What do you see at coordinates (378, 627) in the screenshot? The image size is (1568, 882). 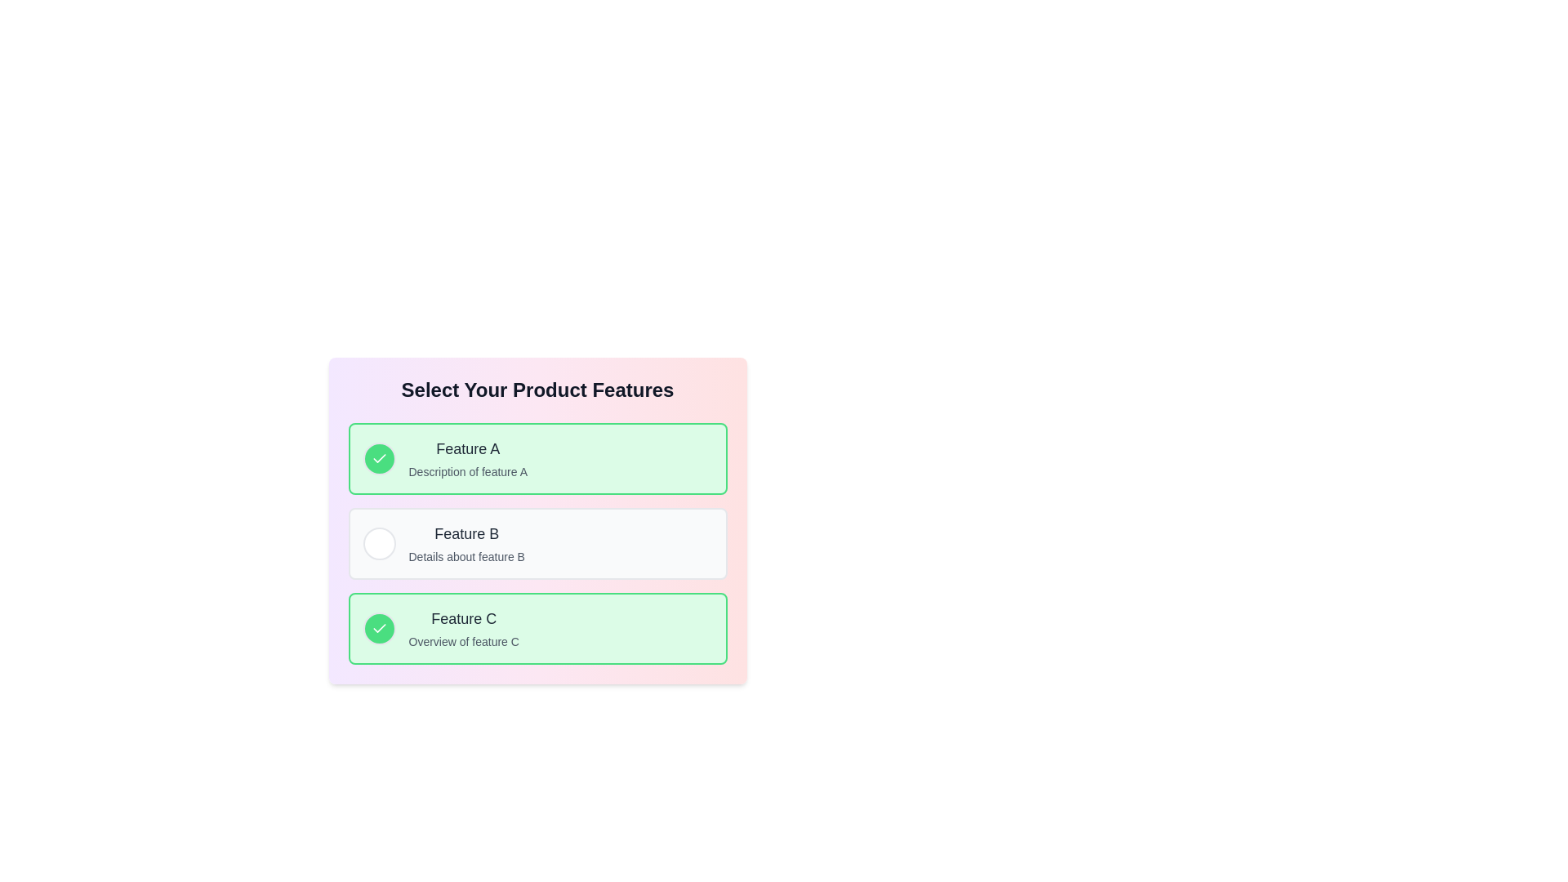 I see `the small green checkmark icon within the 'Feature A' section, which indicates a selected state` at bounding box center [378, 627].